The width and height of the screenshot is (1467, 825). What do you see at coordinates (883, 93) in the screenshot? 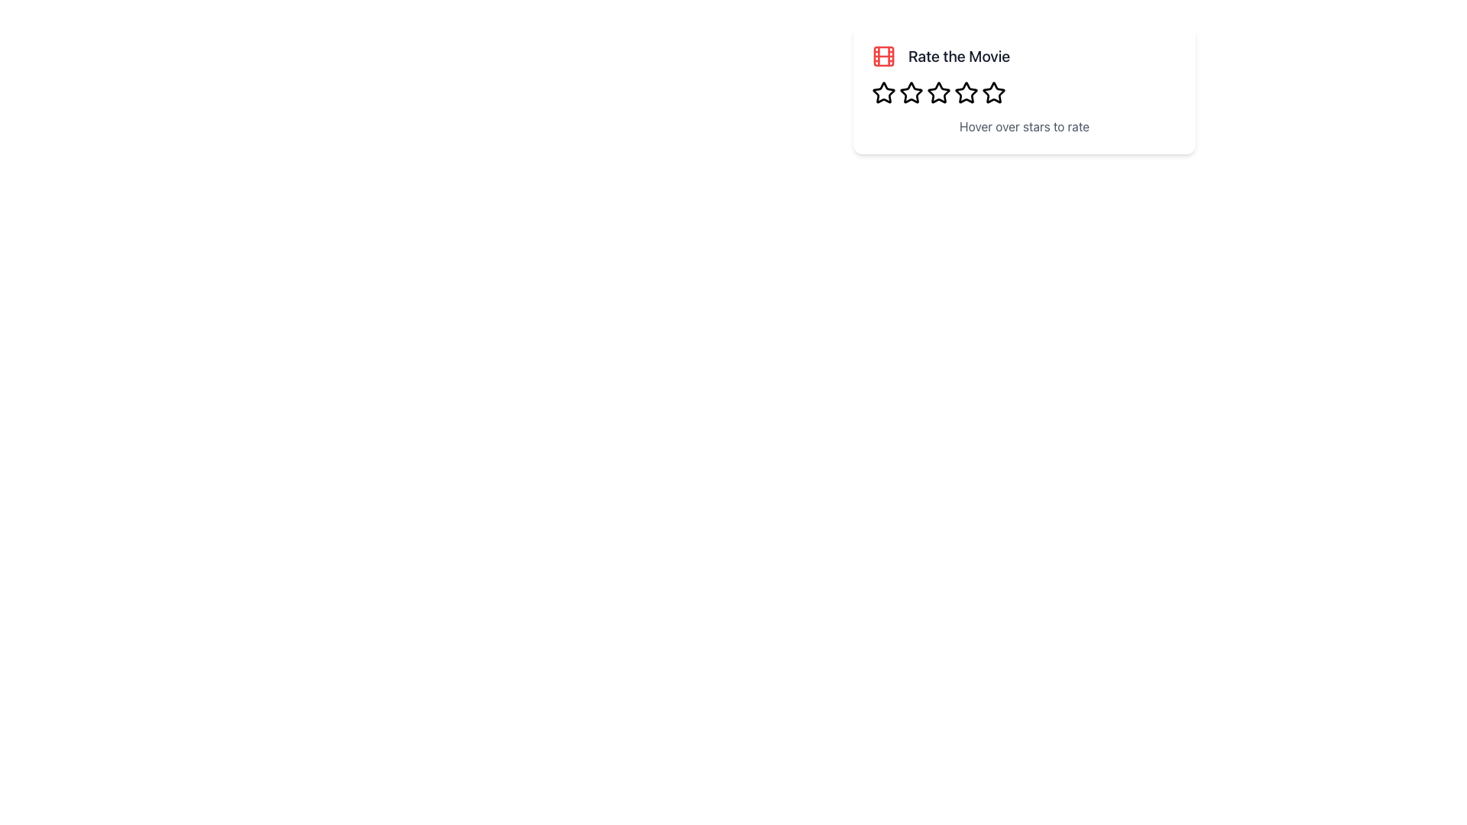
I see `the first star icon, which is outlined with bold black edges` at bounding box center [883, 93].